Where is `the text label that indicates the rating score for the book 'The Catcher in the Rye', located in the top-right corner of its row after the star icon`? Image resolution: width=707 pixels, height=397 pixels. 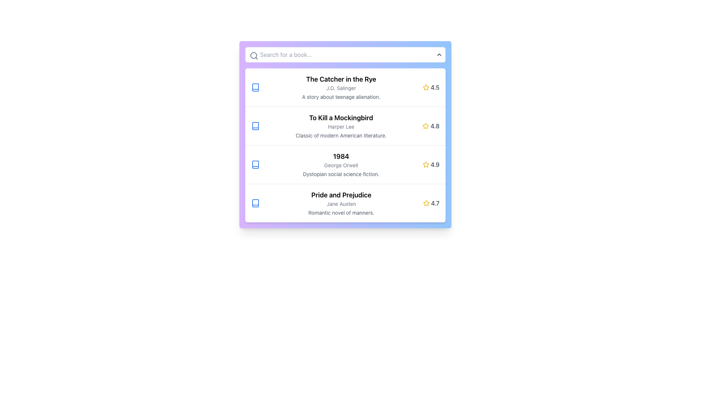 the text label that indicates the rating score for the book 'The Catcher in the Rye', located in the top-right corner of its row after the star icon is located at coordinates (435, 87).